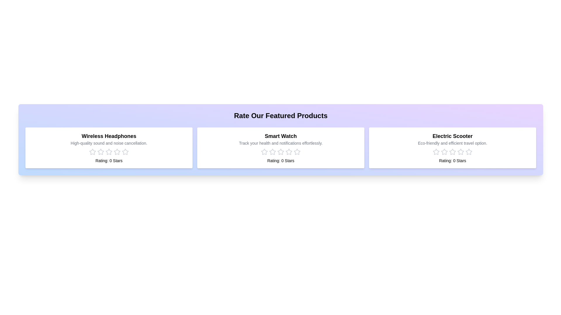 Image resolution: width=561 pixels, height=315 pixels. What do you see at coordinates (452, 151) in the screenshot?
I see `the rating for the product 'Electric Scooter' to 3 stars by clicking on the corresponding star` at bounding box center [452, 151].